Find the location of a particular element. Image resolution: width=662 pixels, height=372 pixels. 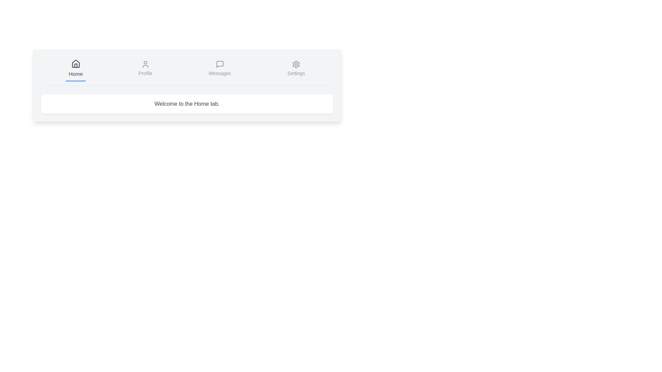

the tab button labeled Home is located at coordinates (76, 69).